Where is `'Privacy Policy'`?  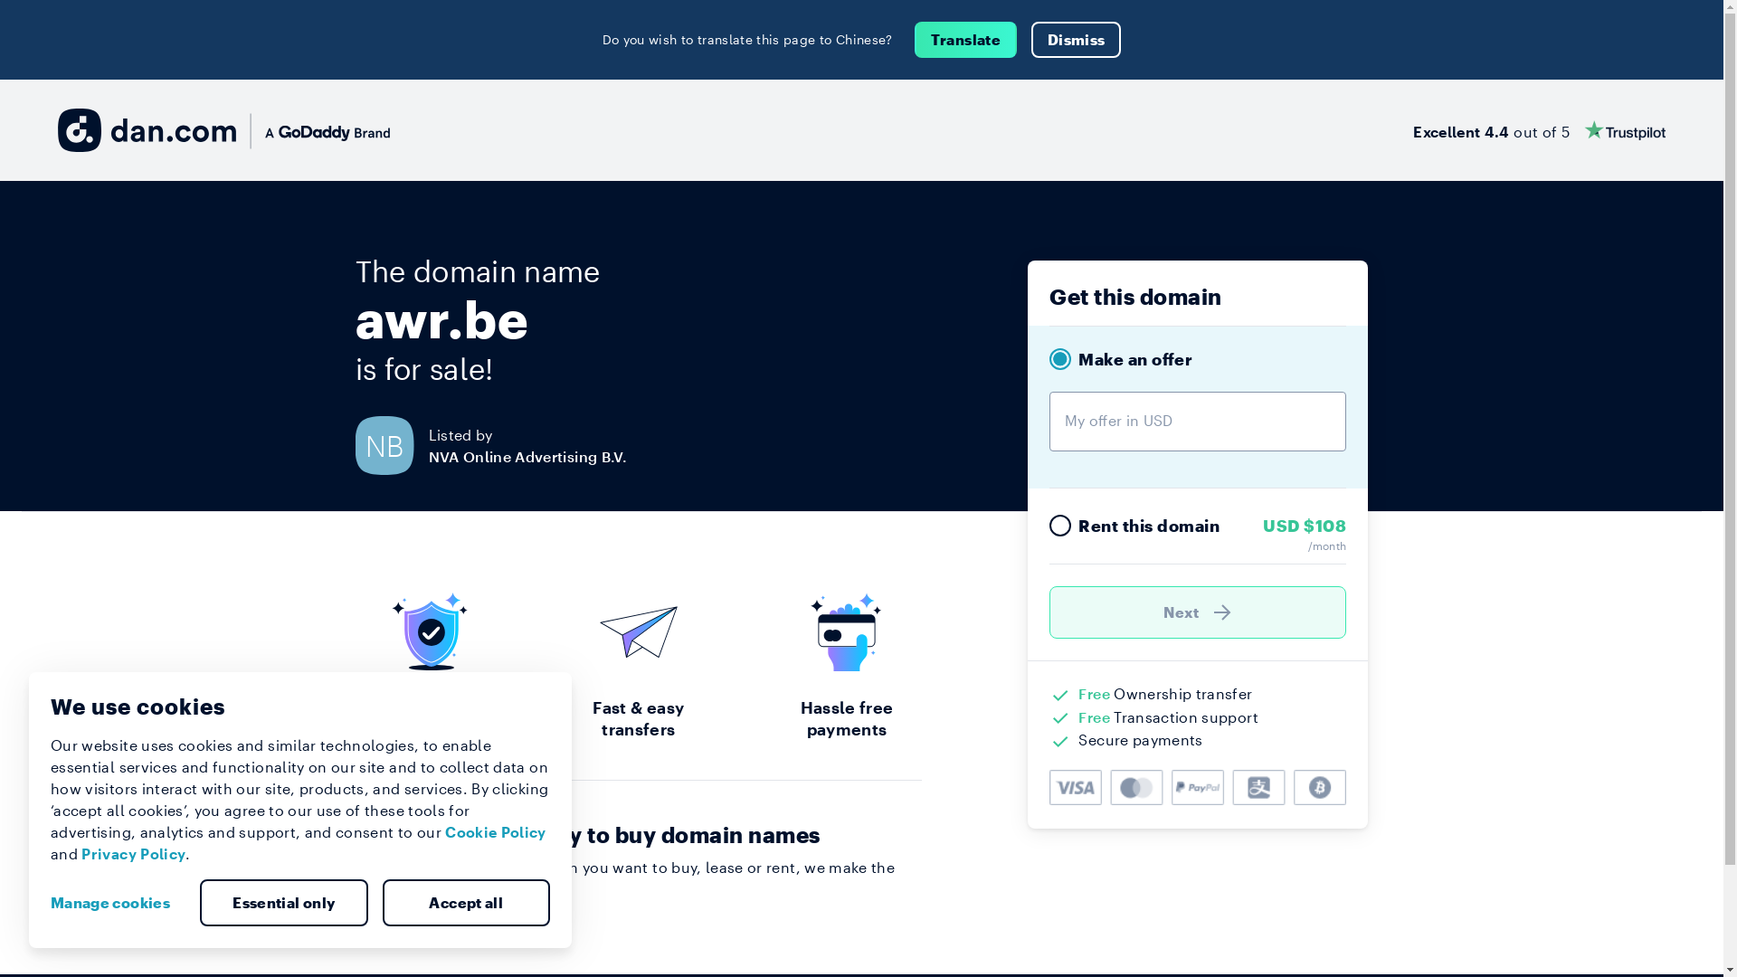 'Privacy Policy' is located at coordinates (81, 853).